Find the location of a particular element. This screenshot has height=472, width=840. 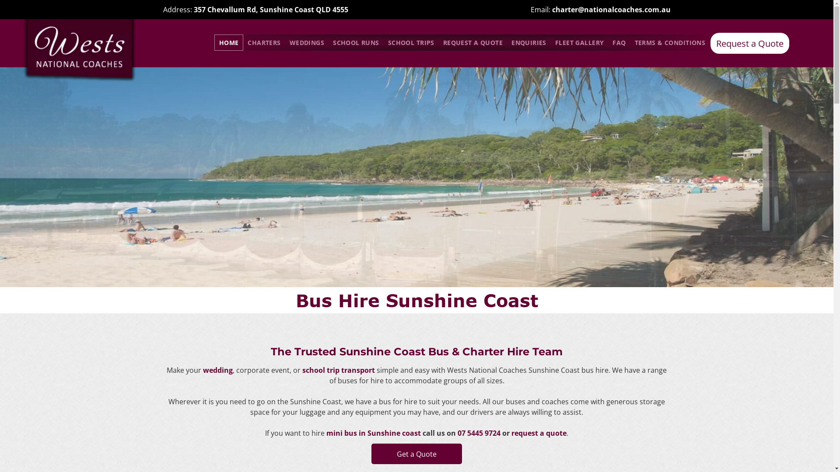

'Get a Quote' is located at coordinates (416, 453).